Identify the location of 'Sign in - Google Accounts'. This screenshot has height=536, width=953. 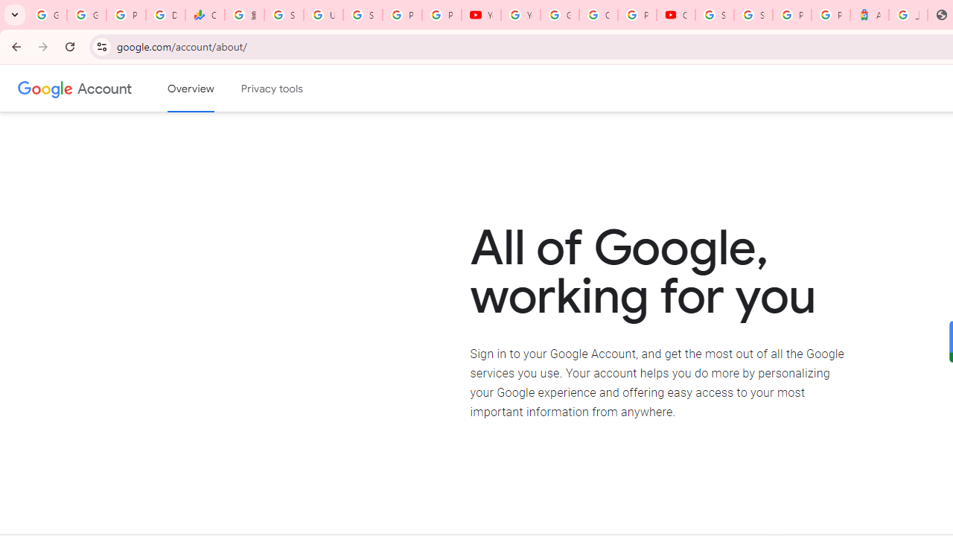
(753, 15).